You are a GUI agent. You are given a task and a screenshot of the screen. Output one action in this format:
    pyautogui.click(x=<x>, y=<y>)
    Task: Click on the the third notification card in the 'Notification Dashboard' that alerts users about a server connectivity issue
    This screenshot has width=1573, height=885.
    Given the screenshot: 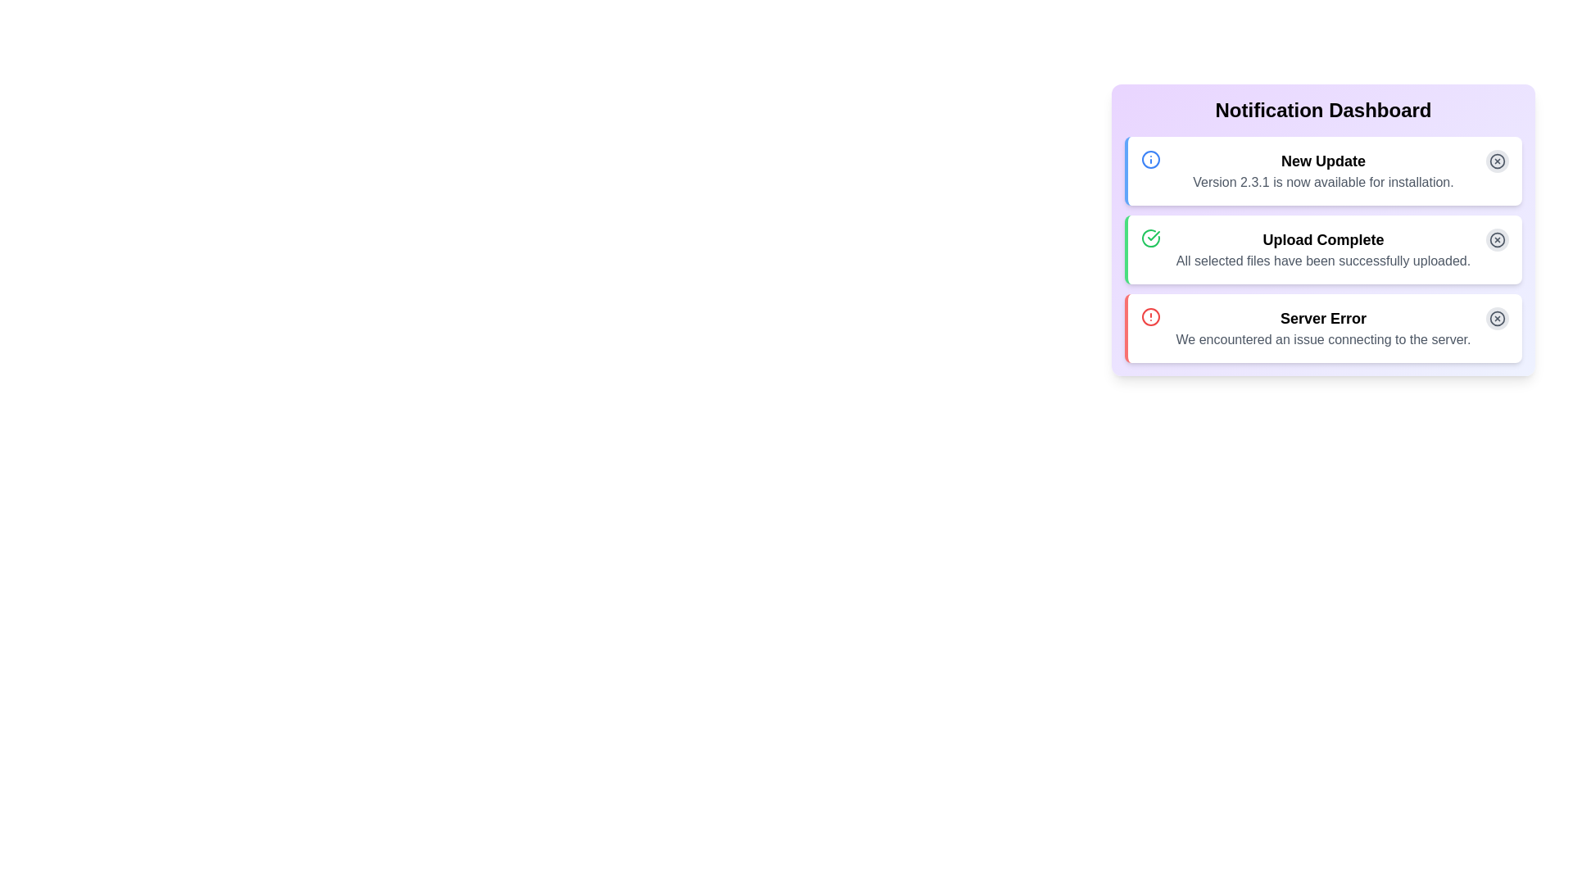 What is the action you would take?
    pyautogui.click(x=1323, y=329)
    